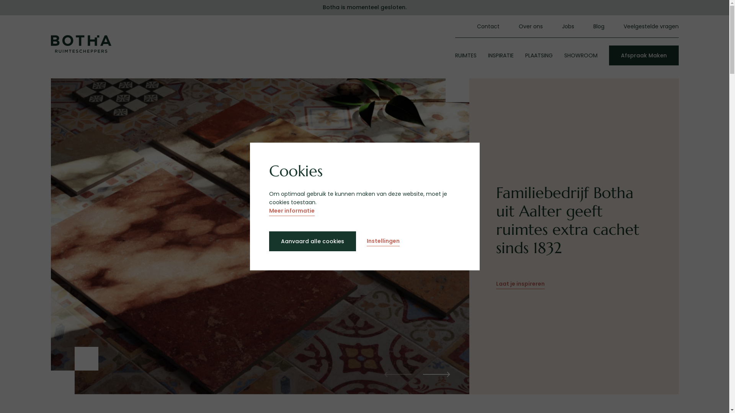 The height and width of the screenshot is (413, 735). Describe the element at coordinates (564, 55) in the screenshot. I see `'SHOWROOM'` at that location.